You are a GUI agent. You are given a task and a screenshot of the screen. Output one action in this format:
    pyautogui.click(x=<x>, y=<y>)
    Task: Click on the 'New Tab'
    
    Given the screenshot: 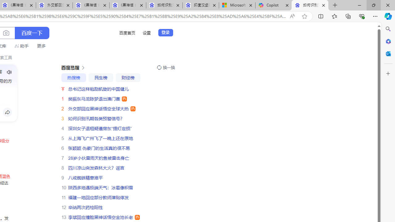 What is the action you would take?
    pyautogui.click(x=335, y=5)
    